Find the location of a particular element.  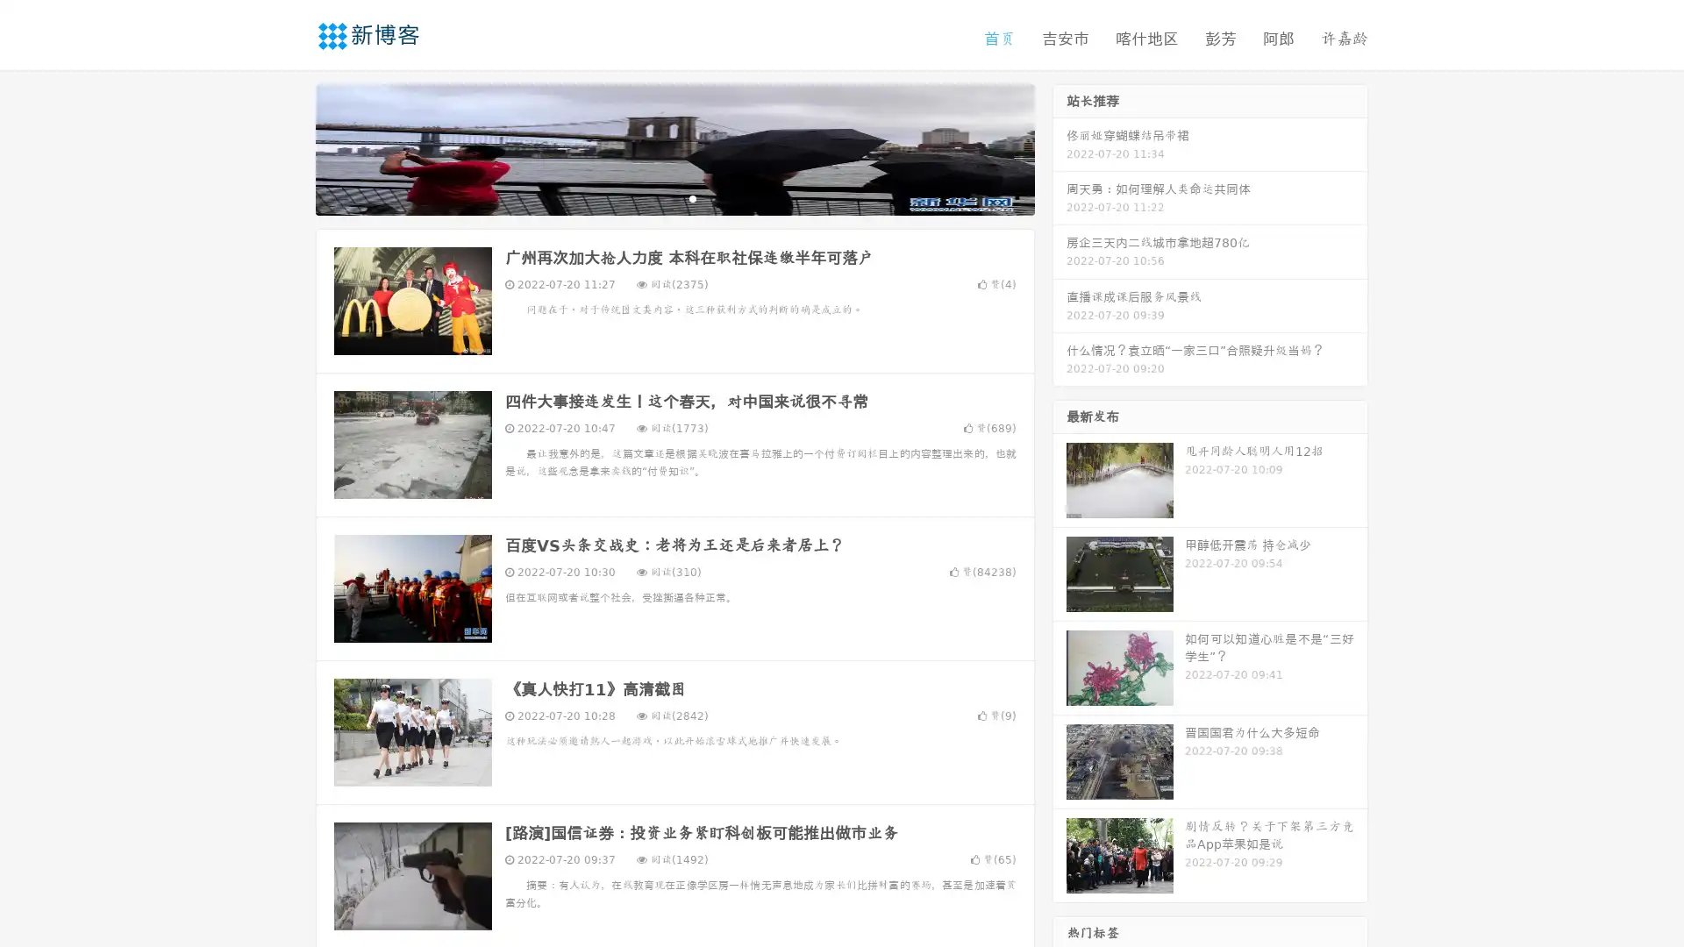

Go to slide 2 is located at coordinates (674, 197).